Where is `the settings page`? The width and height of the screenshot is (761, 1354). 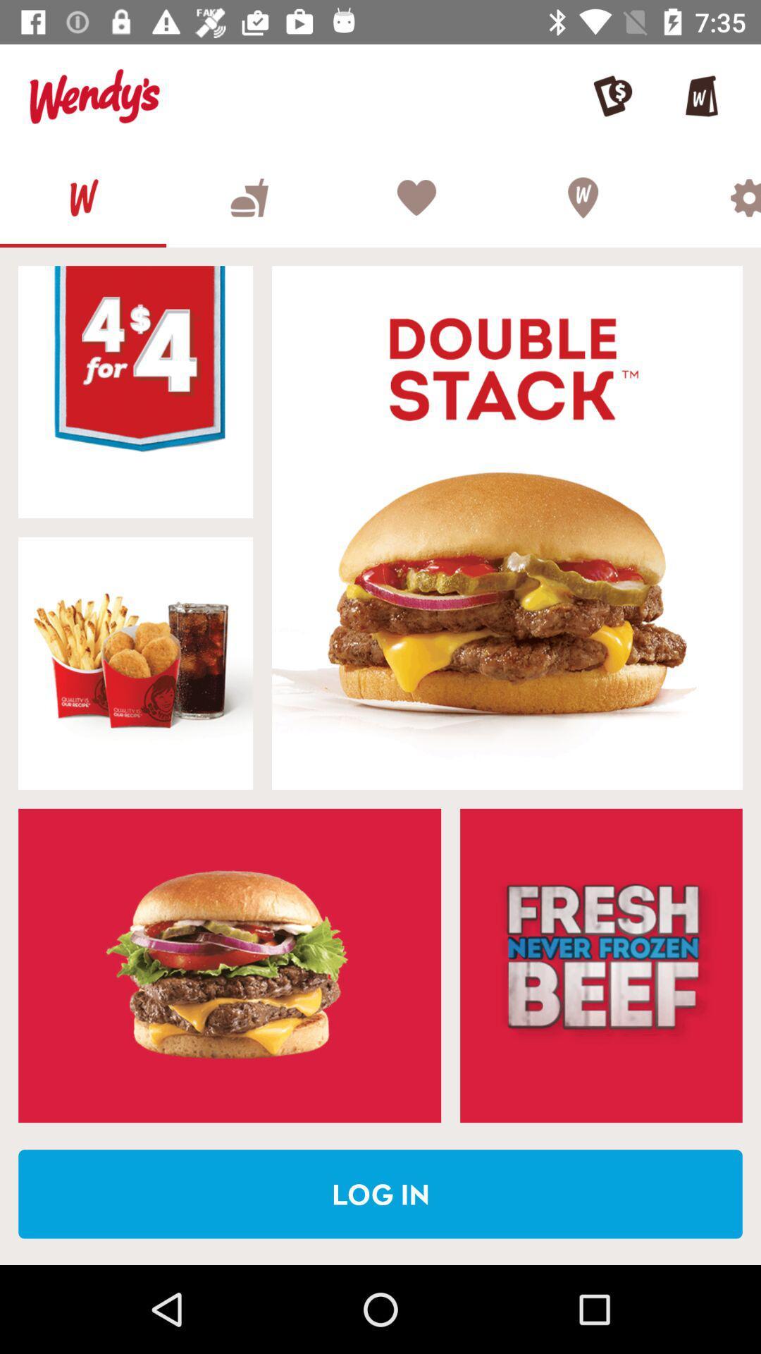 the settings page is located at coordinates (713, 197).